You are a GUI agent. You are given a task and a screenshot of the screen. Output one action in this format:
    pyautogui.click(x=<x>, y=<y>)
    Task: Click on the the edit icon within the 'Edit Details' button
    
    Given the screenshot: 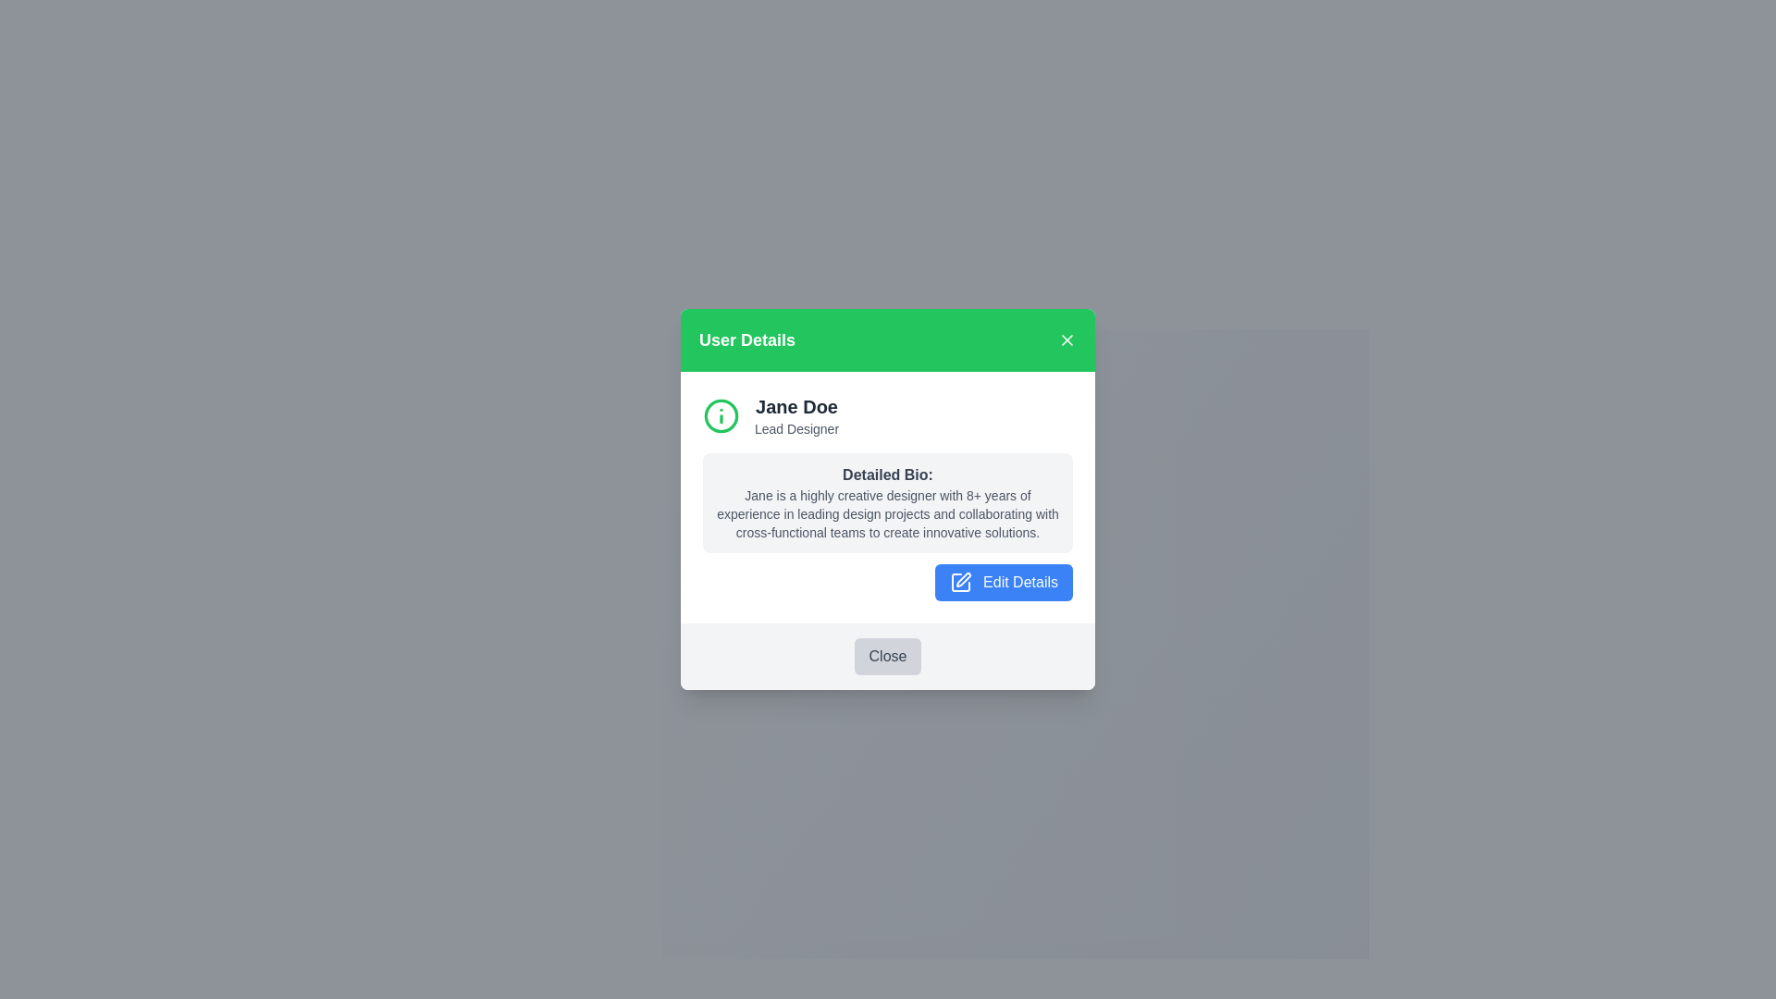 What is the action you would take?
    pyautogui.click(x=960, y=583)
    